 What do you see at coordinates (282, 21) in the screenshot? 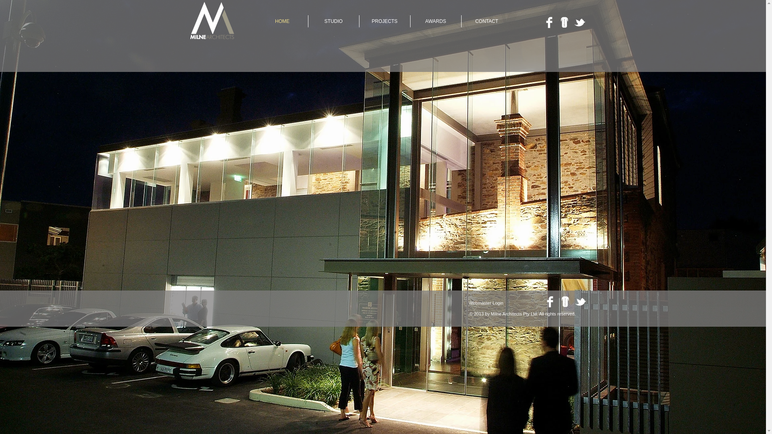
I see `'HOME'` at bounding box center [282, 21].